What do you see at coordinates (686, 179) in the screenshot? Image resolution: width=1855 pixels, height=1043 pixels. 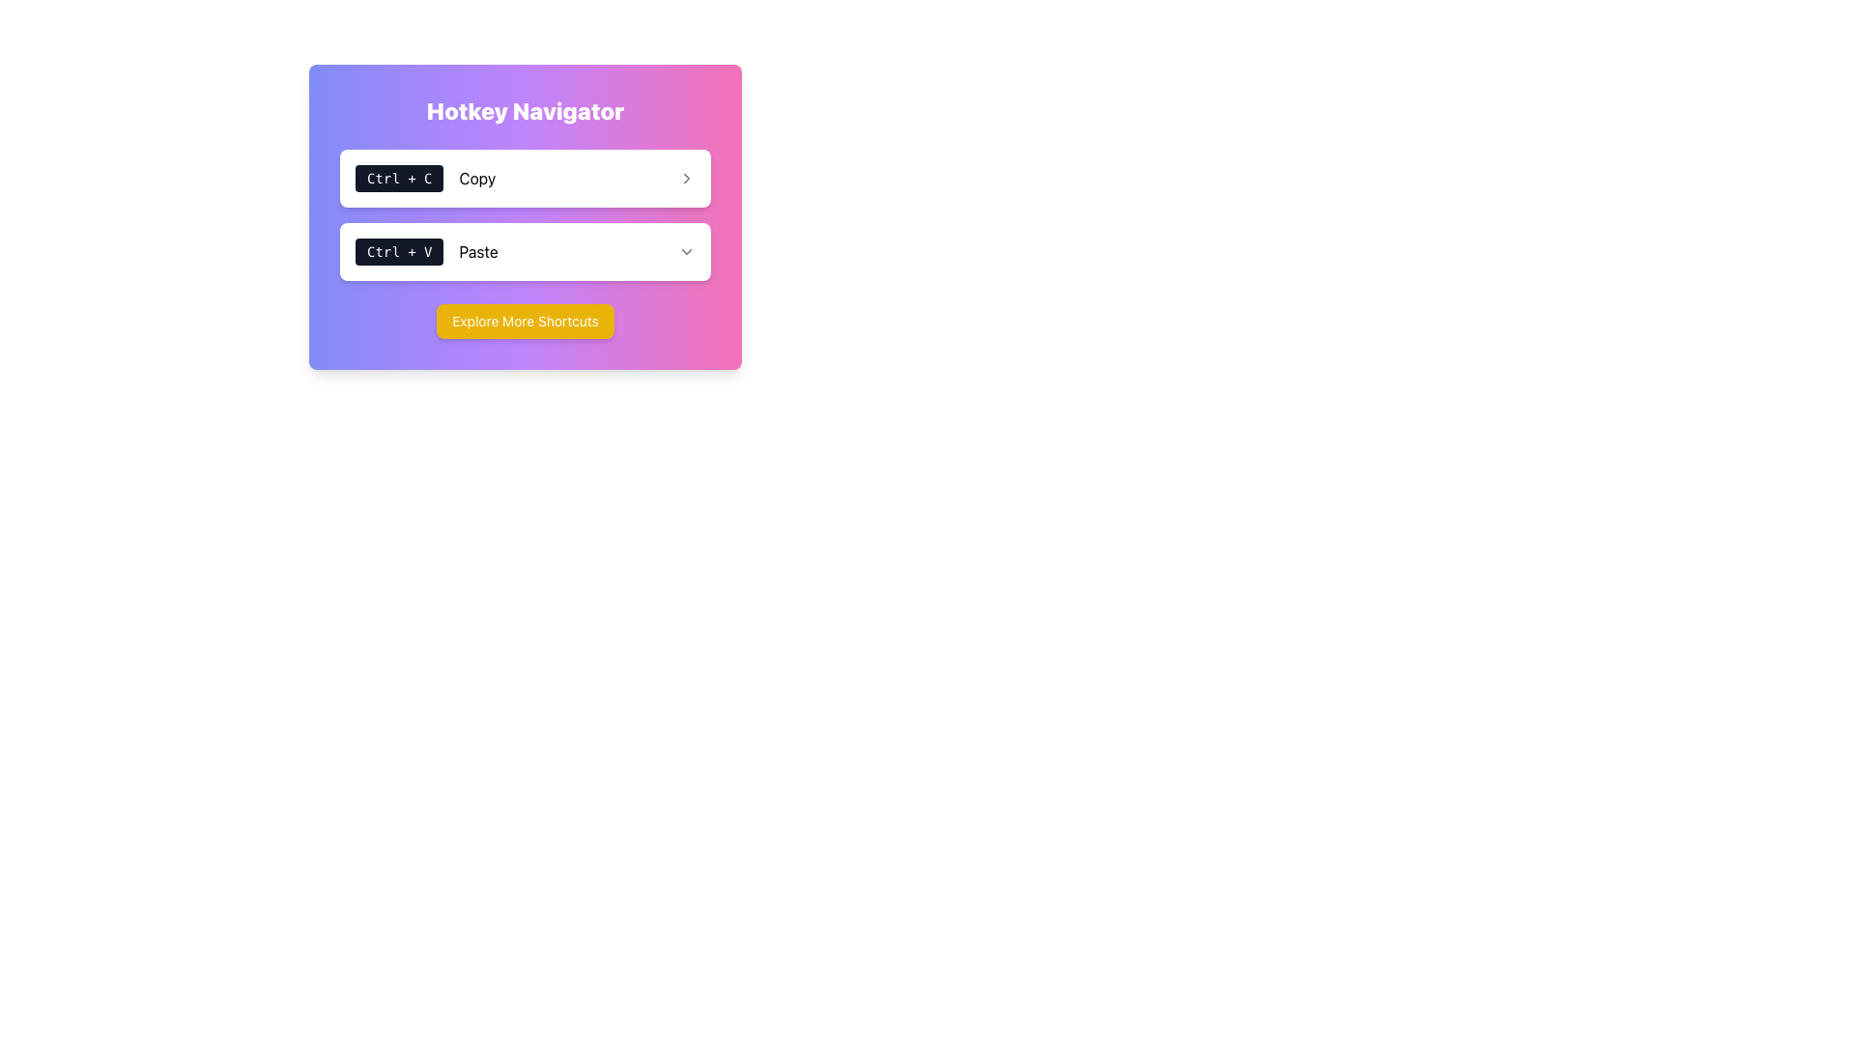 I see `the chevron icon located at the far-right of the first item within the list of shortcuts, aligned horizontally with the text 'Copy'` at bounding box center [686, 179].